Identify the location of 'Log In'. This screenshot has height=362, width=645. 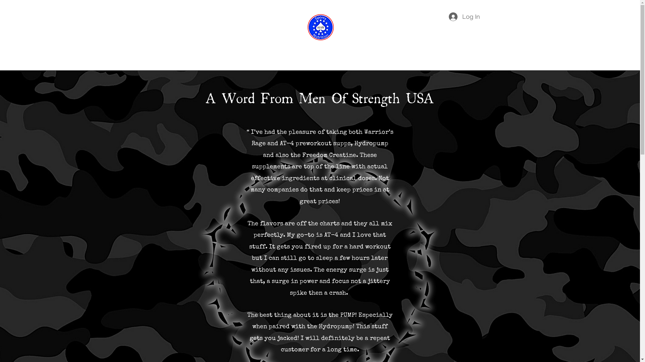
(464, 16).